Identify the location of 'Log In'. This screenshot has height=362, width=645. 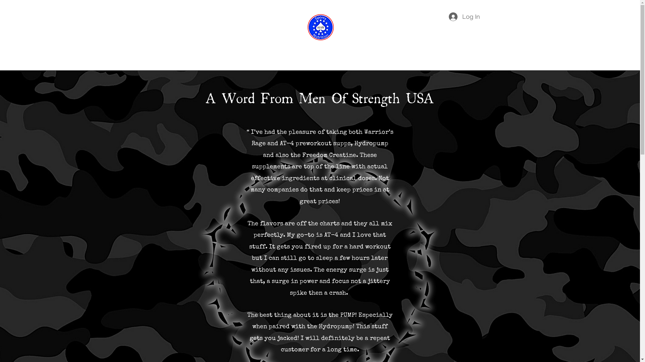
(464, 16).